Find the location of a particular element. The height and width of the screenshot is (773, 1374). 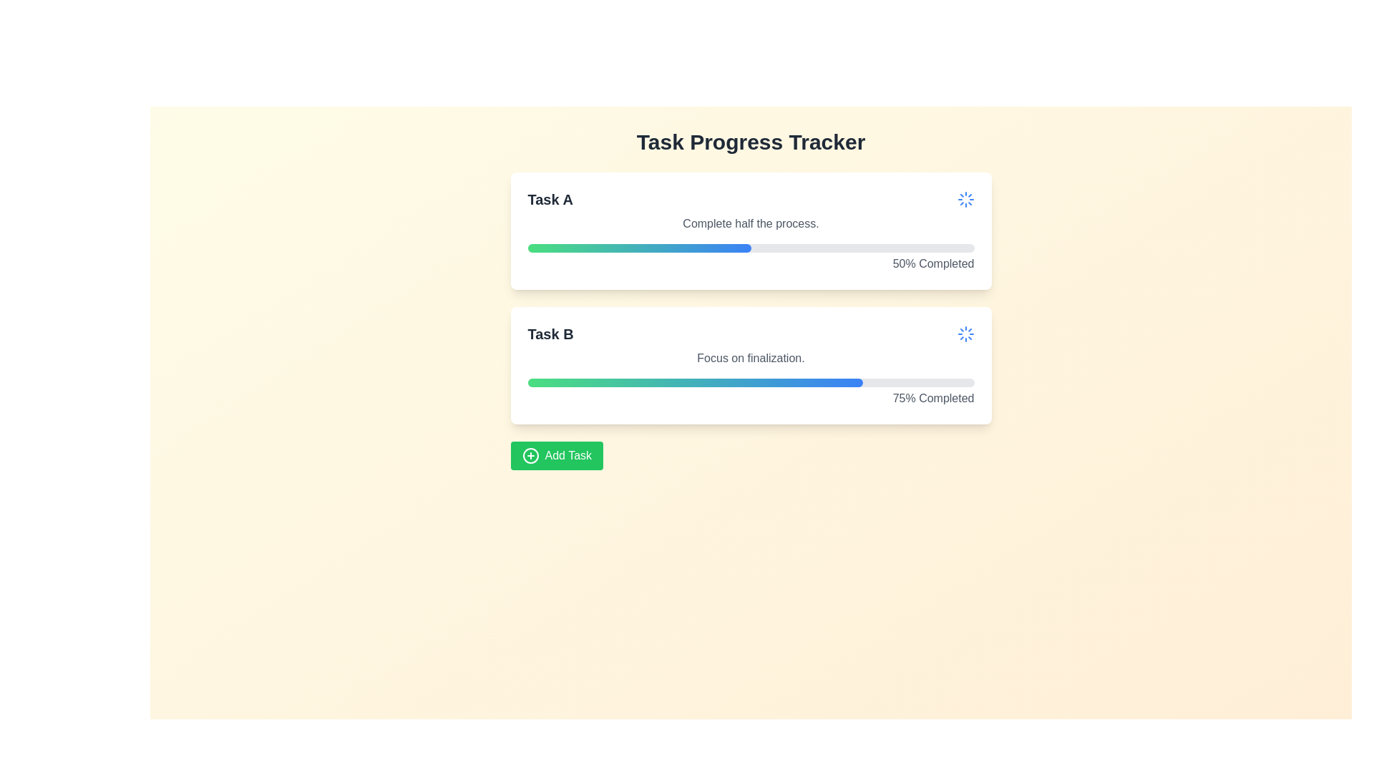

the slim, horizontal progress bar located at the bottom of the 'Task A' card, which is filled approximately 50% with a gradient transitioning from green to blue is located at coordinates (750, 248).